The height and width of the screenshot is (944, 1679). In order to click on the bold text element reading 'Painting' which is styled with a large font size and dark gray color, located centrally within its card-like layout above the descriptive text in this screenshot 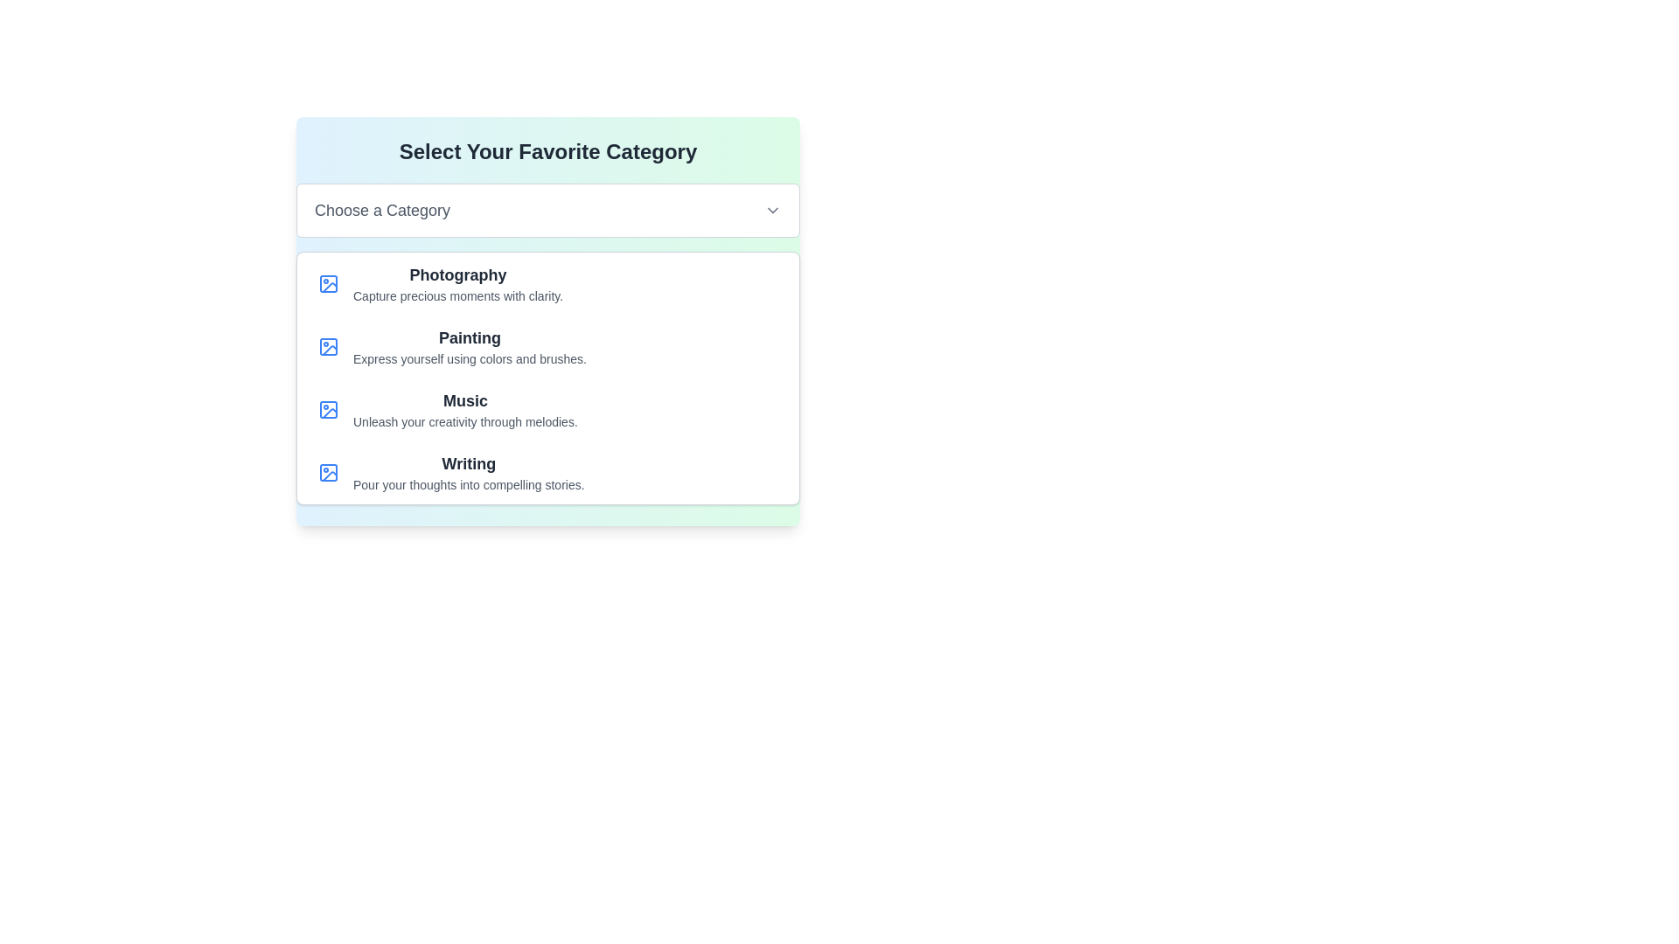, I will do `click(470, 337)`.